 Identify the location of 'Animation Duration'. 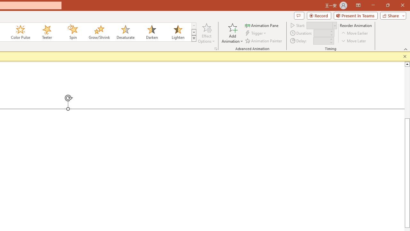
(321, 33).